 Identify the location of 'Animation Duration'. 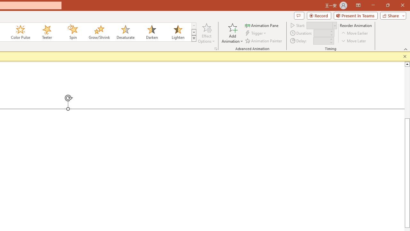
(321, 33).